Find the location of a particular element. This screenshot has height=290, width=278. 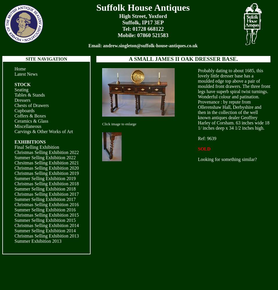

'Probably dating to about 1685, this lovely little dresser base has a moulded edge top above a pair of moulded front drawers. The three front legs have superb spiral twist turnings. Wonderful colour and patination. Provenance : by repute from Ollerenshaw Hall, Derbyshire and then in the collection of the well known antiques dealer Geoffrey Harley of Corsham. 63 inches wide 18 1/ inches deep x 34 1/2 inches high.' is located at coordinates (234, 99).